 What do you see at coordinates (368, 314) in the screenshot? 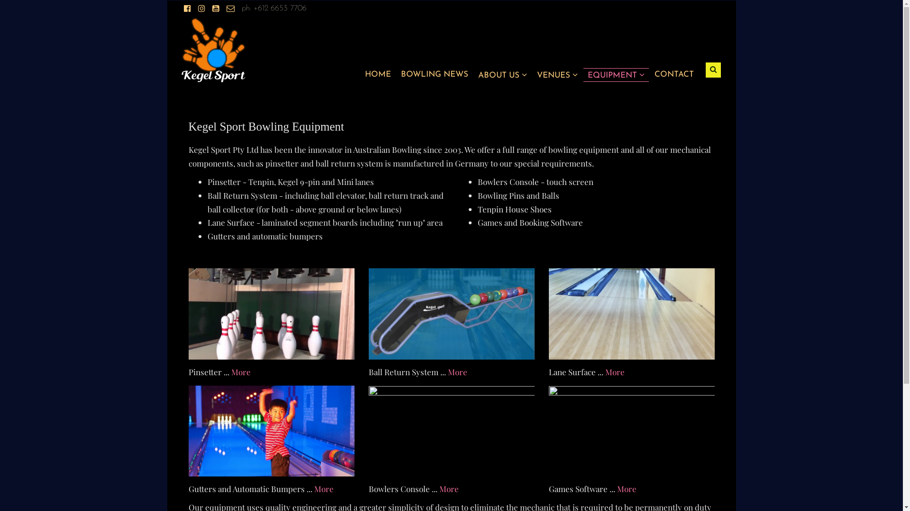
I see `'Ten Pin Ball Return System'` at bounding box center [368, 314].